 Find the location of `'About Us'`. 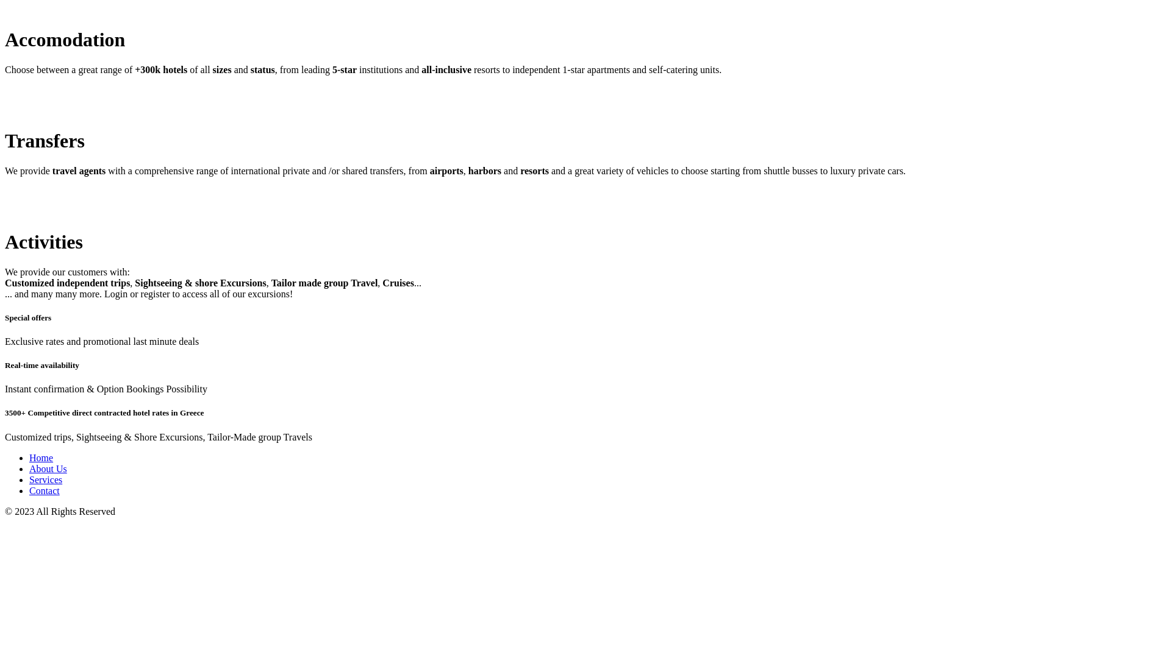

'About Us' is located at coordinates (48, 468).